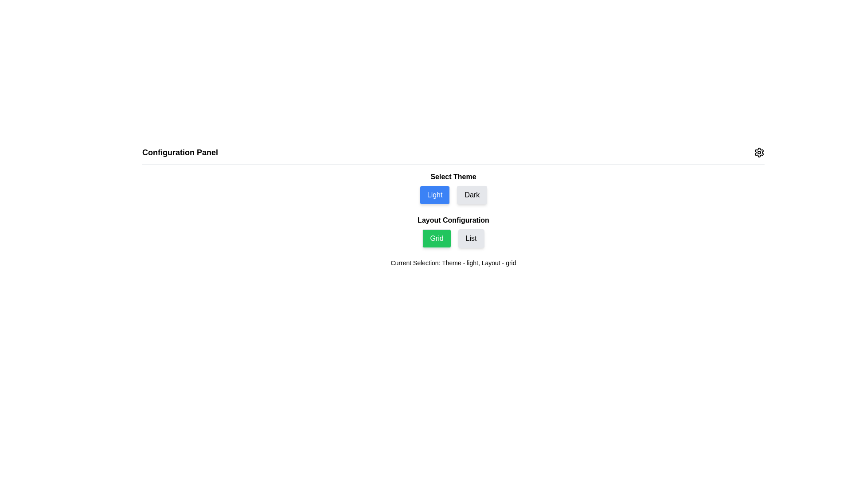 The image size is (851, 479). What do you see at coordinates (453, 188) in the screenshot?
I see `the 'Select Theme' section header with buttons, which includes the title 'Select Theme' and buttons labeled 'Light' and 'Dark'` at bounding box center [453, 188].